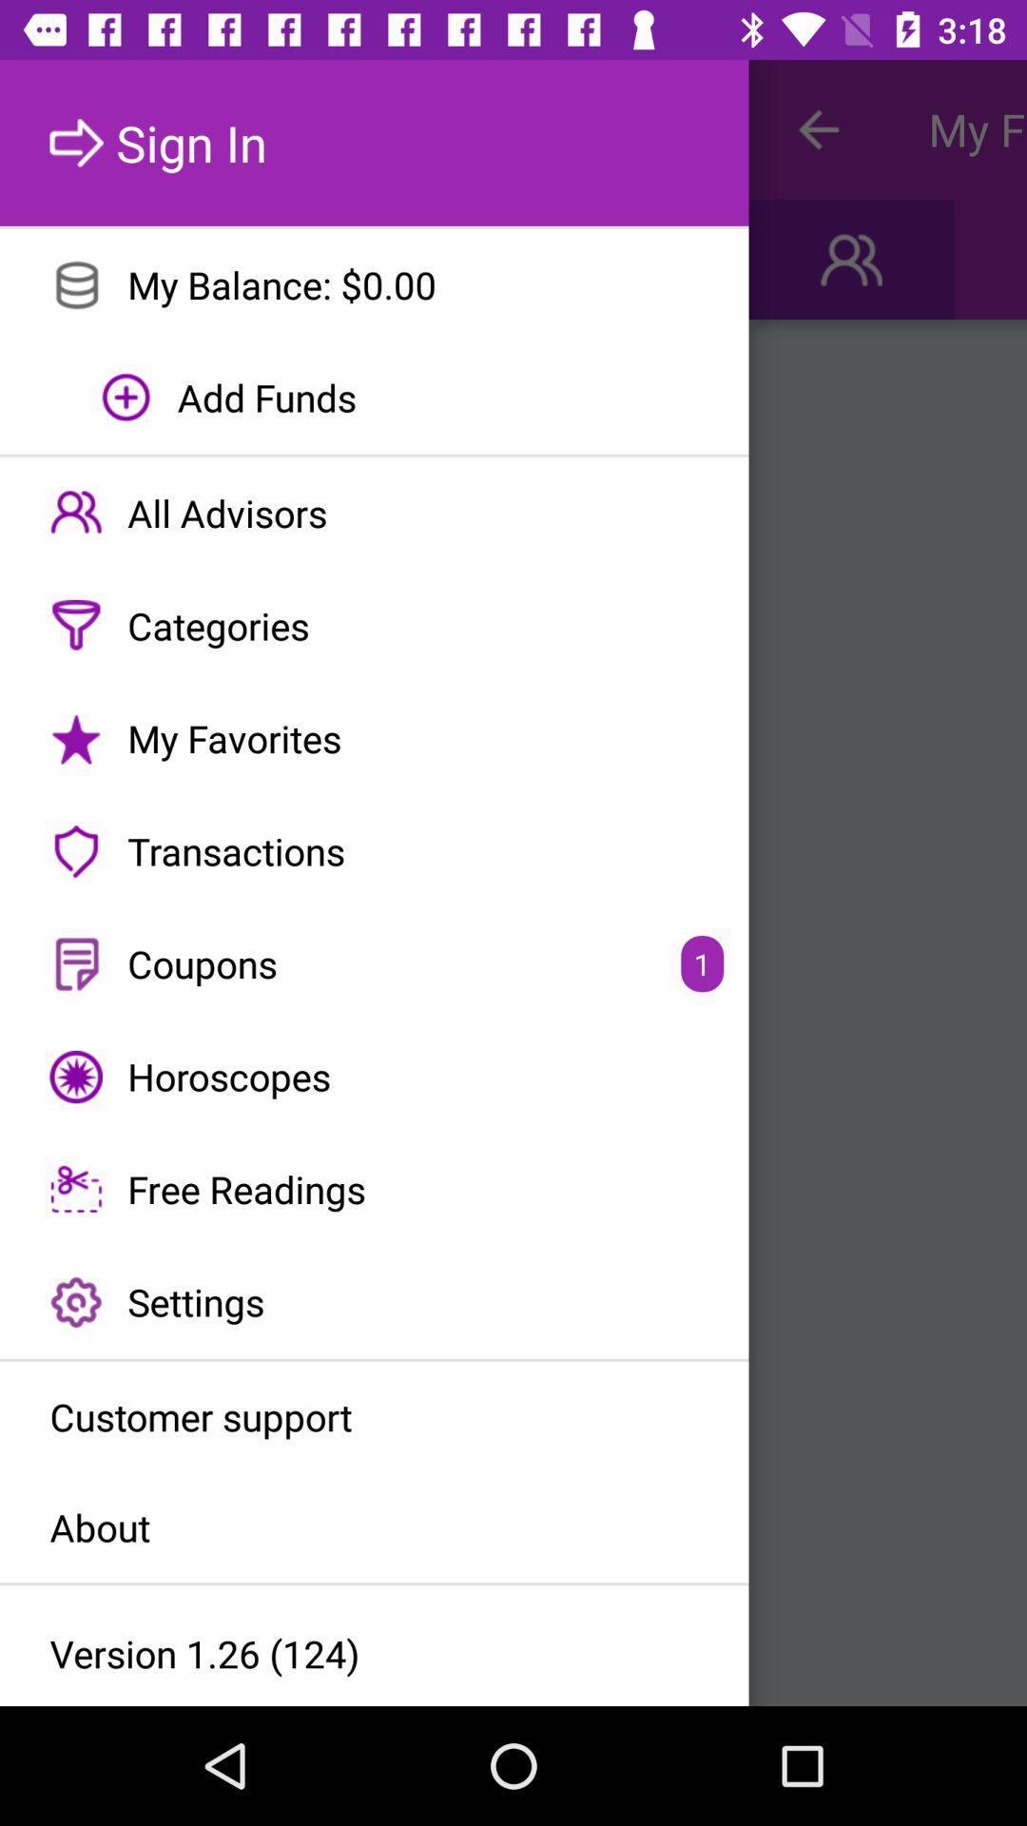 This screenshot has width=1027, height=1826. What do you see at coordinates (374, 1527) in the screenshot?
I see `item below customer support` at bounding box center [374, 1527].